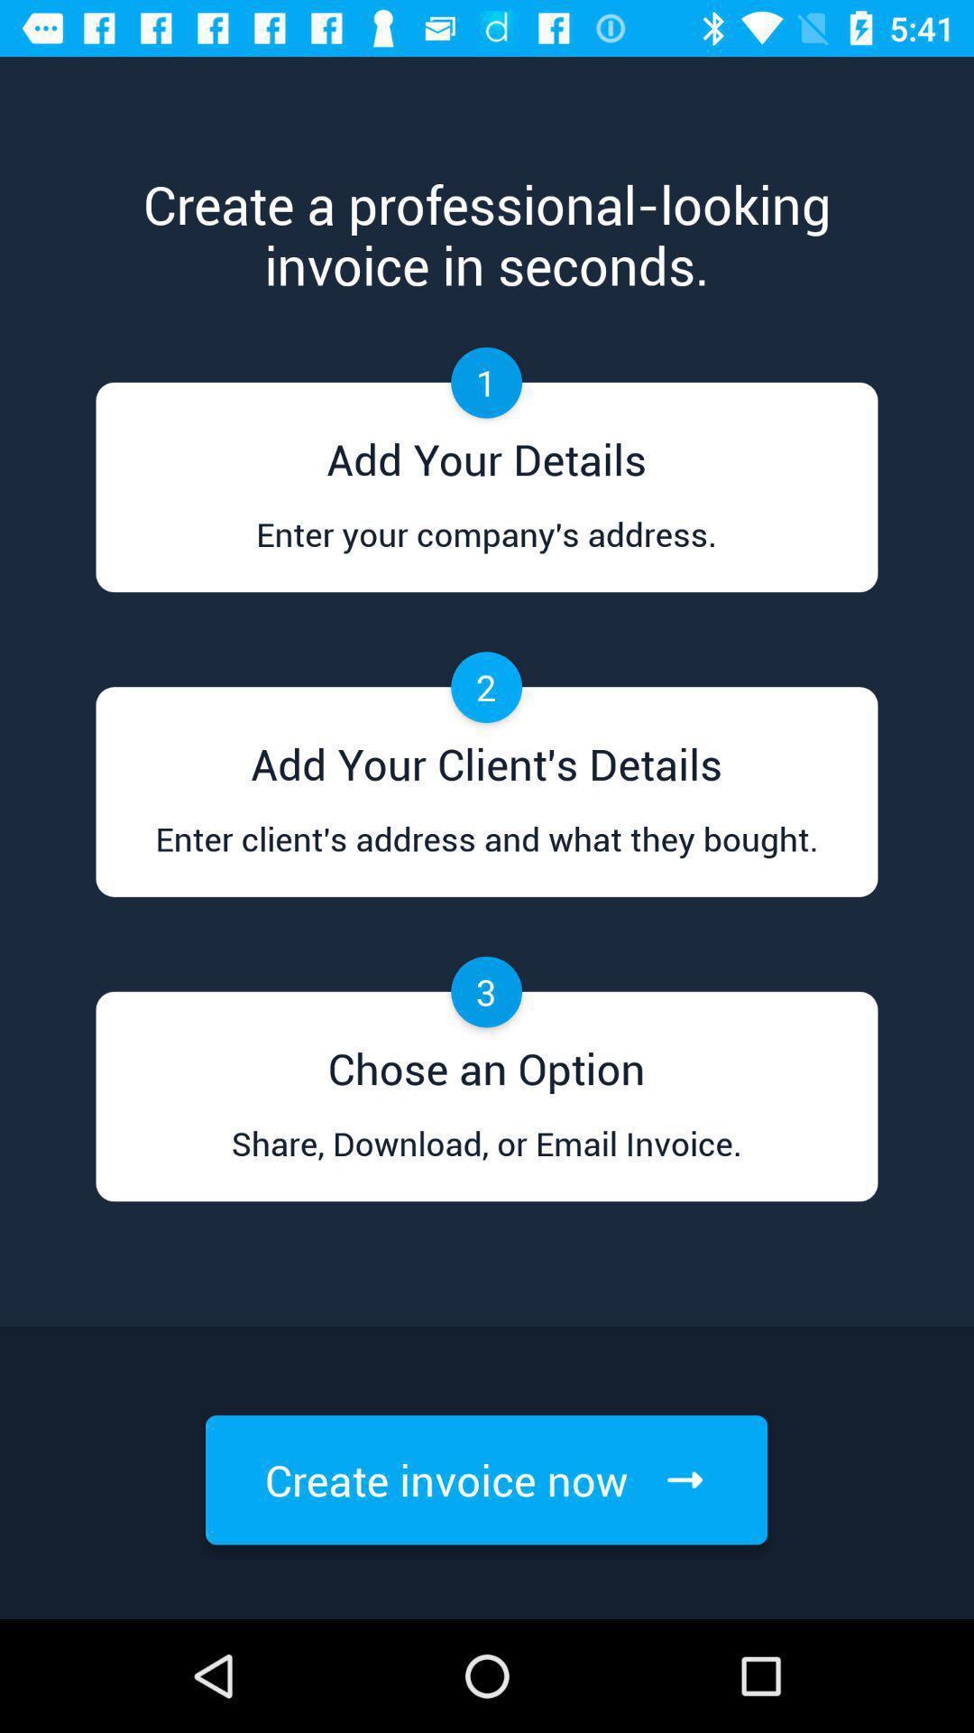 This screenshot has height=1733, width=974. Describe the element at coordinates (485, 1161) in the screenshot. I see `item below chose an option` at that location.